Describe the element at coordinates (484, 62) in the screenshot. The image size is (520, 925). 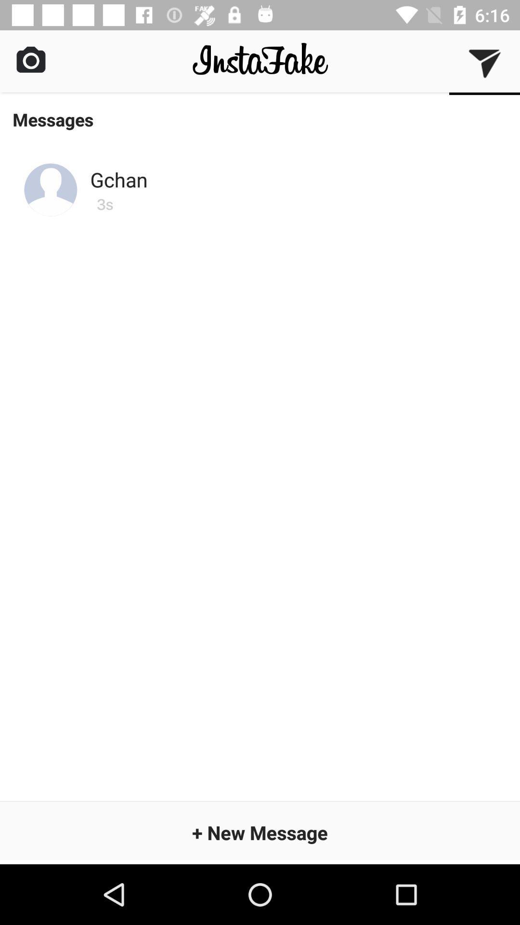
I see `the navigation icon` at that location.